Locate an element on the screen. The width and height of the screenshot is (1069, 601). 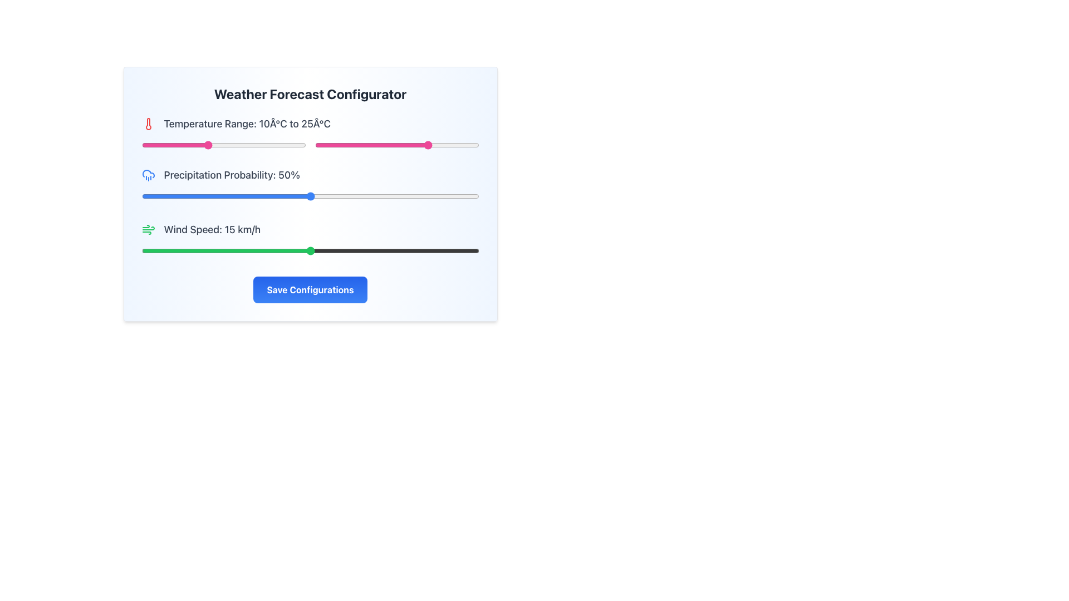
the slider value is located at coordinates (204, 145).